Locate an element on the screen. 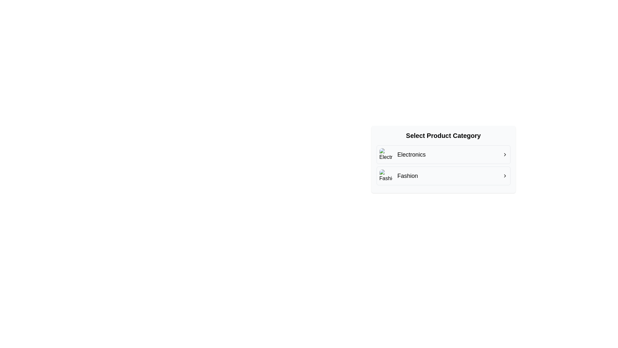  the 'Fashion' button-like item in the categorized options list is located at coordinates (443, 176).